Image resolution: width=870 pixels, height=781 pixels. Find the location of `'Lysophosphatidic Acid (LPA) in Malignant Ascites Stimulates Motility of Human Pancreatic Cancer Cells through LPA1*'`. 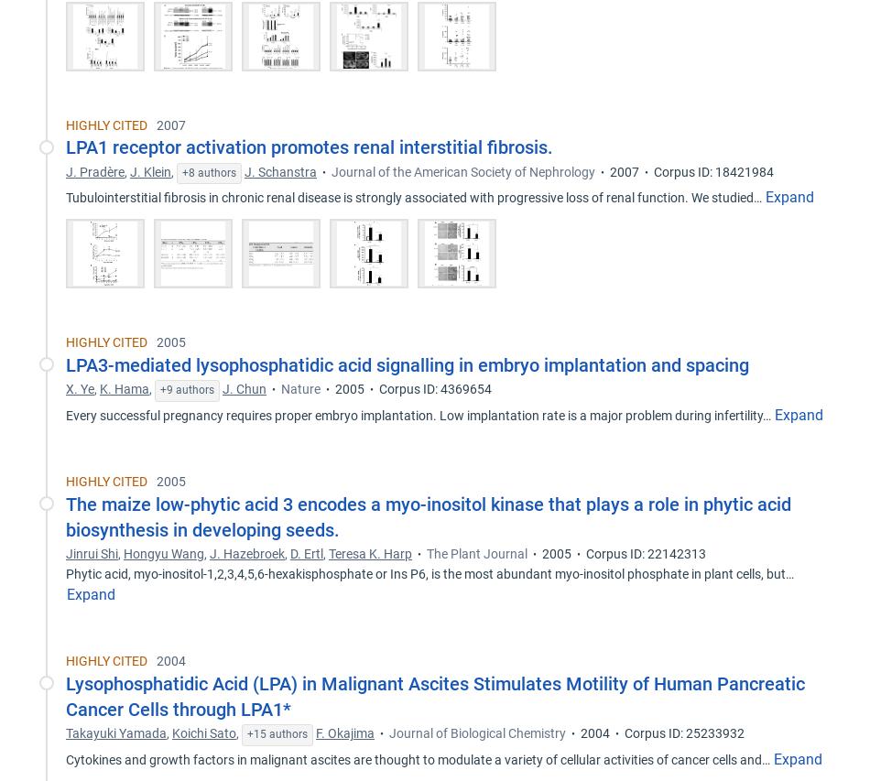

'Lysophosphatidic Acid (LPA) in Malignant Ascites Stimulates Motility of Human Pancreatic Cancer Cells through LPA1*' is located at coordinates (435, 696).